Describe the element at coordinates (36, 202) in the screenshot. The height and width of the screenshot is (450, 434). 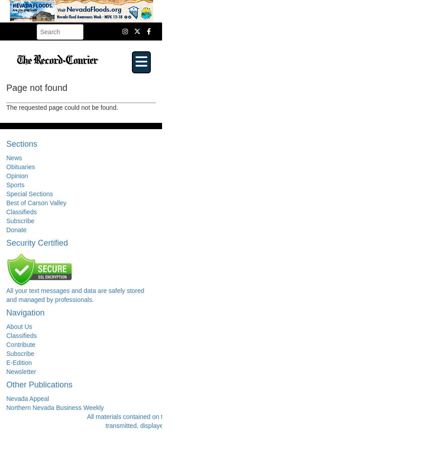
I see `'Best of Carson Valley'` at that location.